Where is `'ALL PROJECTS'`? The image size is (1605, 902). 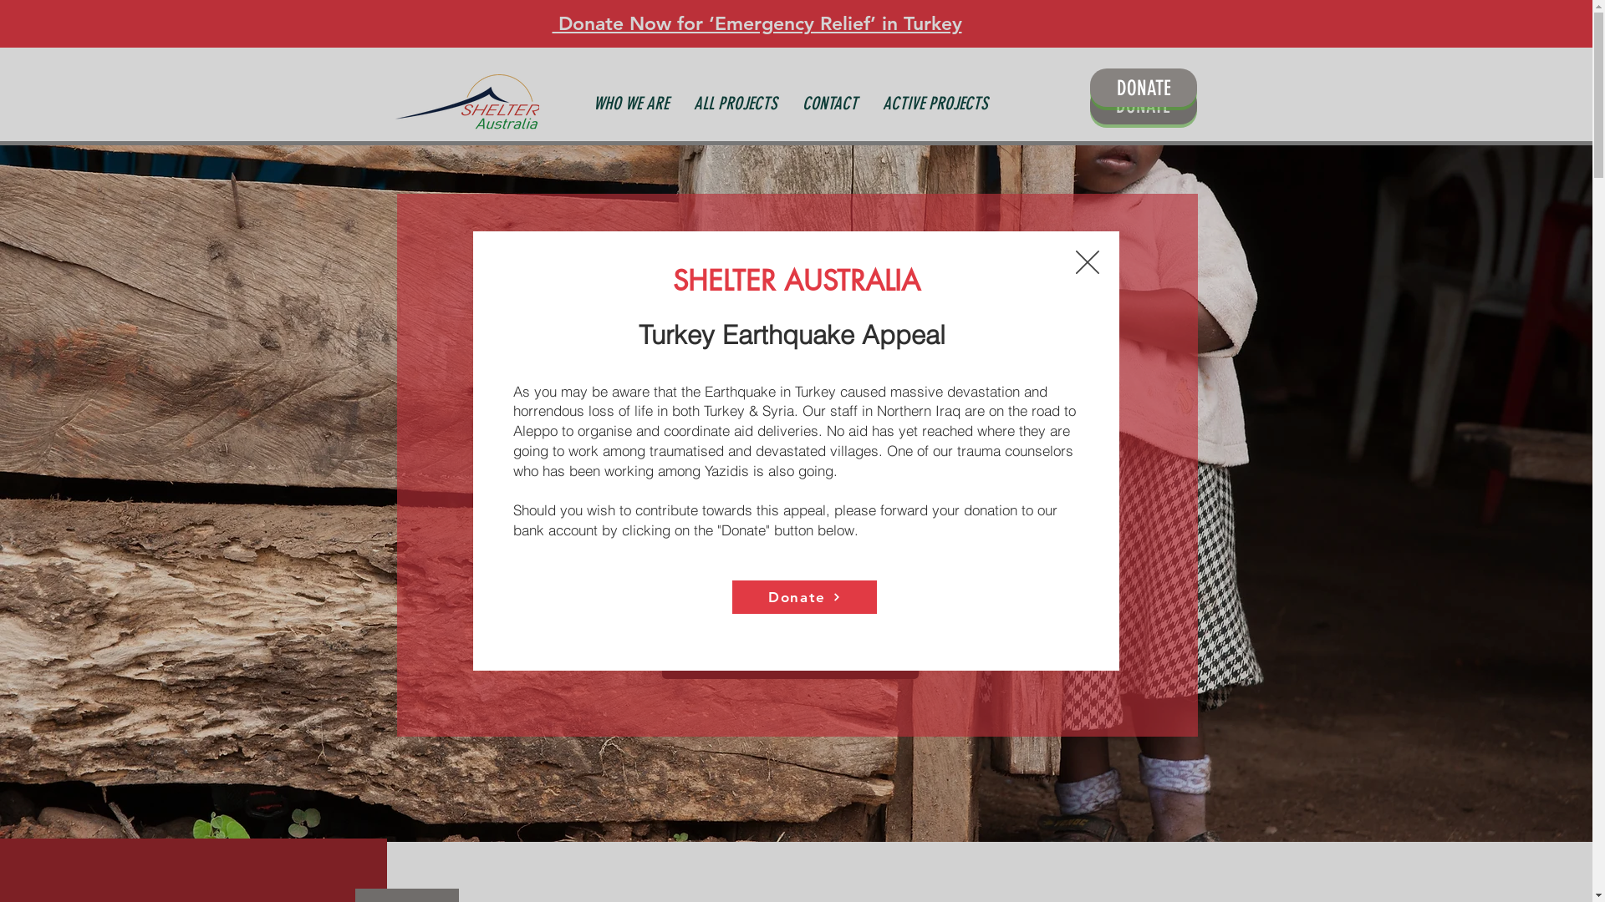
'ALL PROJECTS' is located at coordinates (735, 103).